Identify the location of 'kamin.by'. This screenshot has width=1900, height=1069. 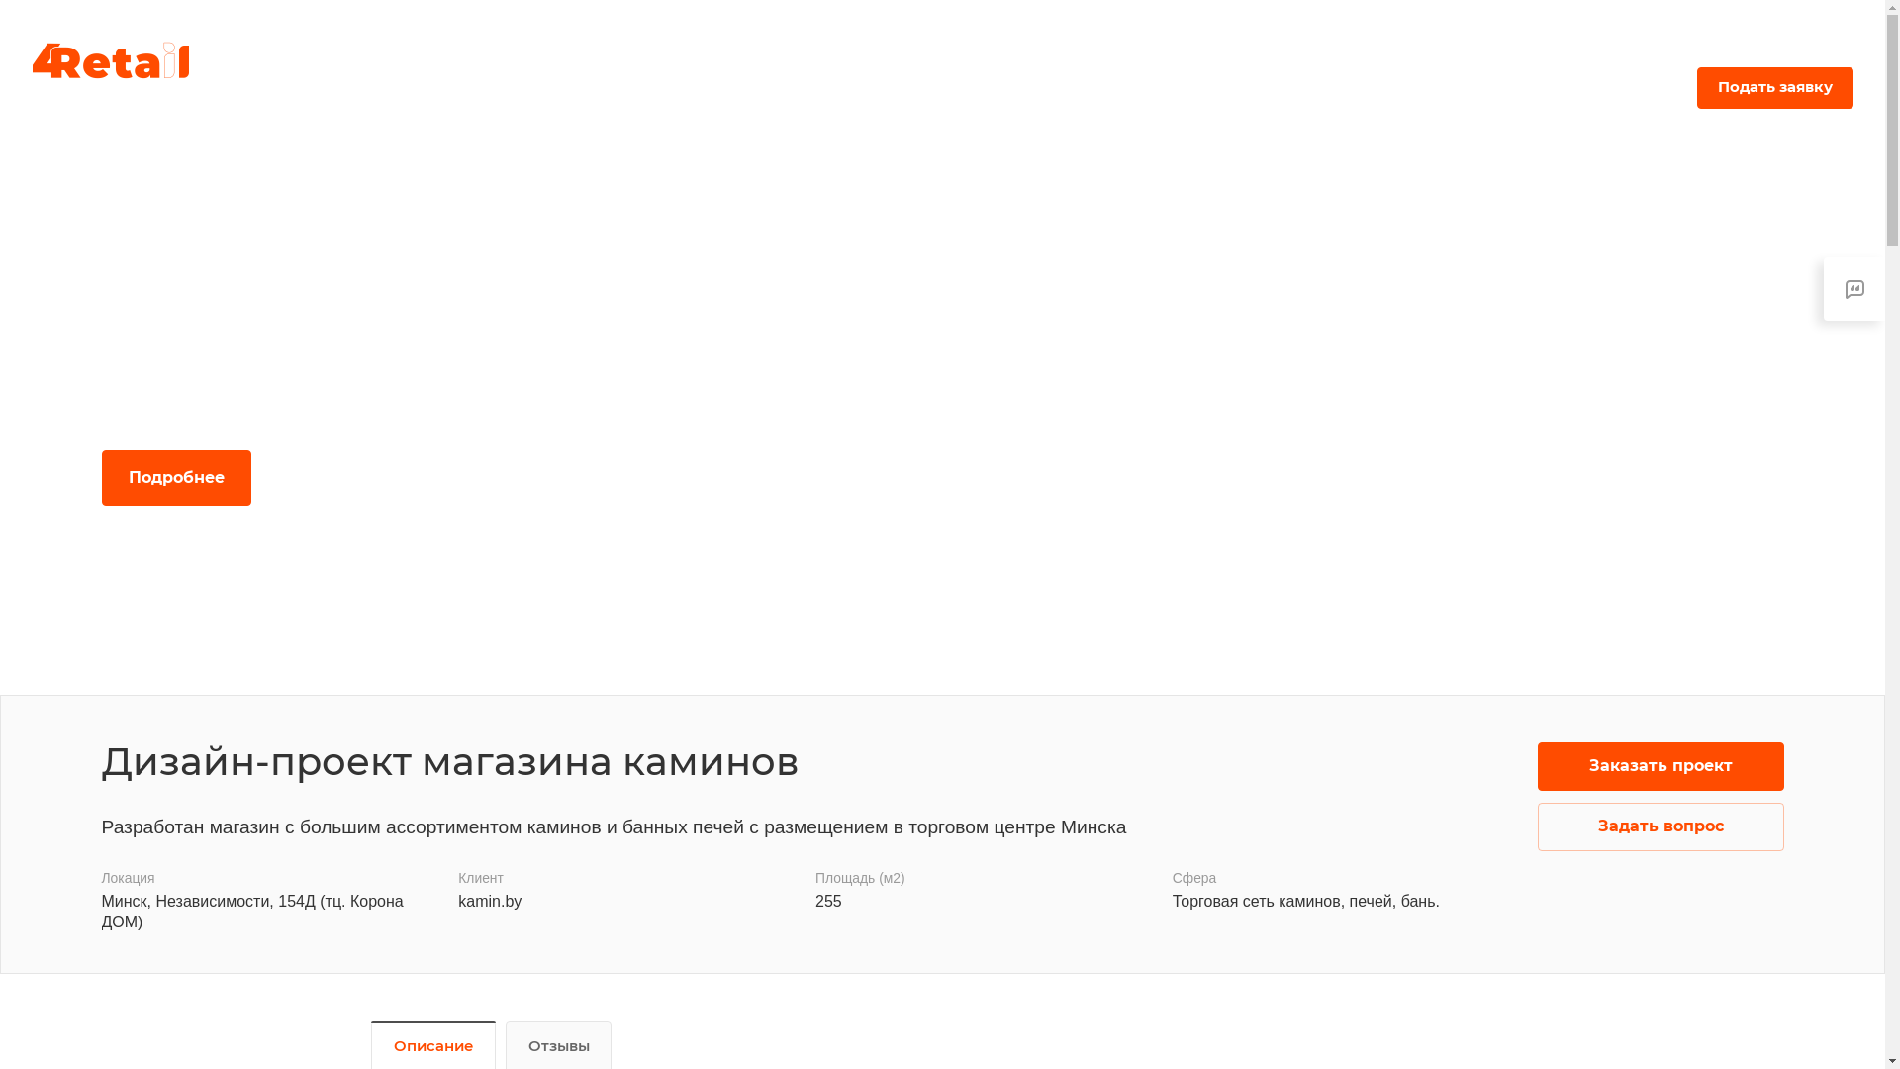
(489, 901).